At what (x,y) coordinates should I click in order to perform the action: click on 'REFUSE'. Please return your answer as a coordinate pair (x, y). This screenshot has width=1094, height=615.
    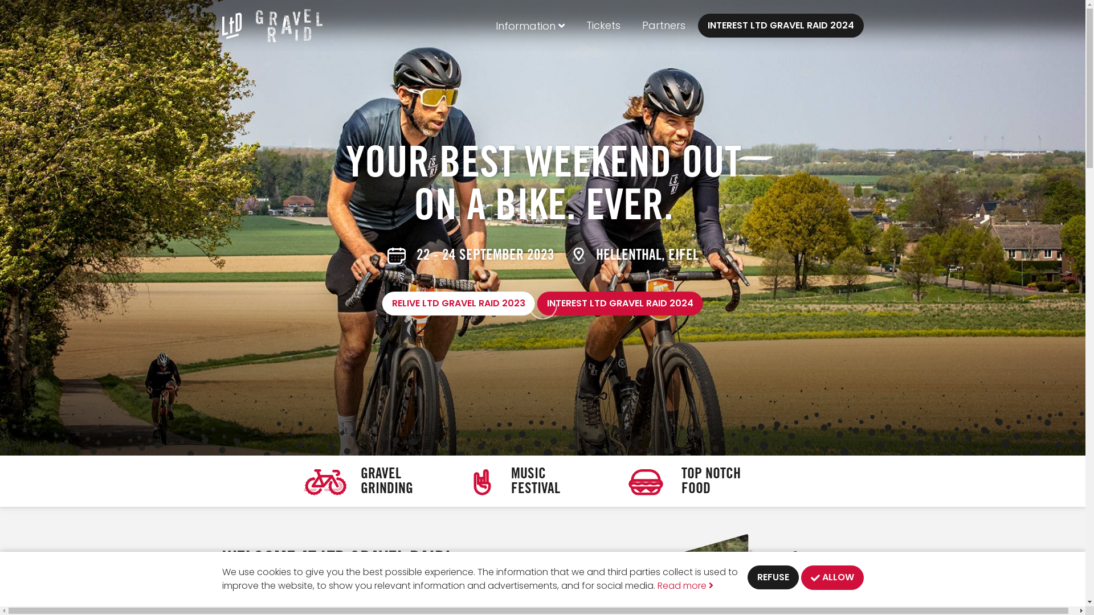
    Looking at the image, I should click on (773, 577).